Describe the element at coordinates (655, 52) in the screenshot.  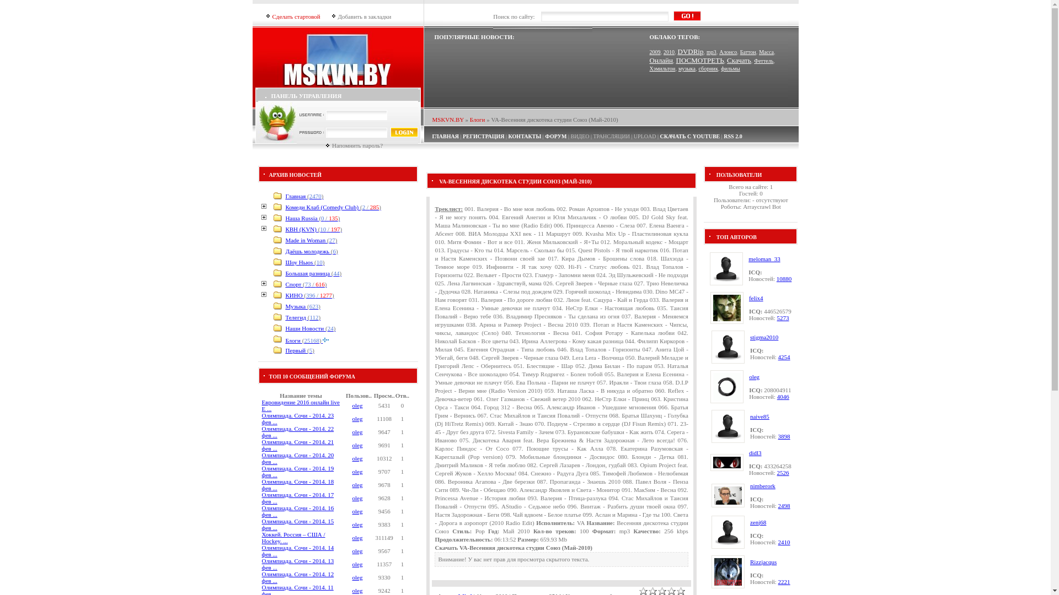
I see `'2009'` at that location.